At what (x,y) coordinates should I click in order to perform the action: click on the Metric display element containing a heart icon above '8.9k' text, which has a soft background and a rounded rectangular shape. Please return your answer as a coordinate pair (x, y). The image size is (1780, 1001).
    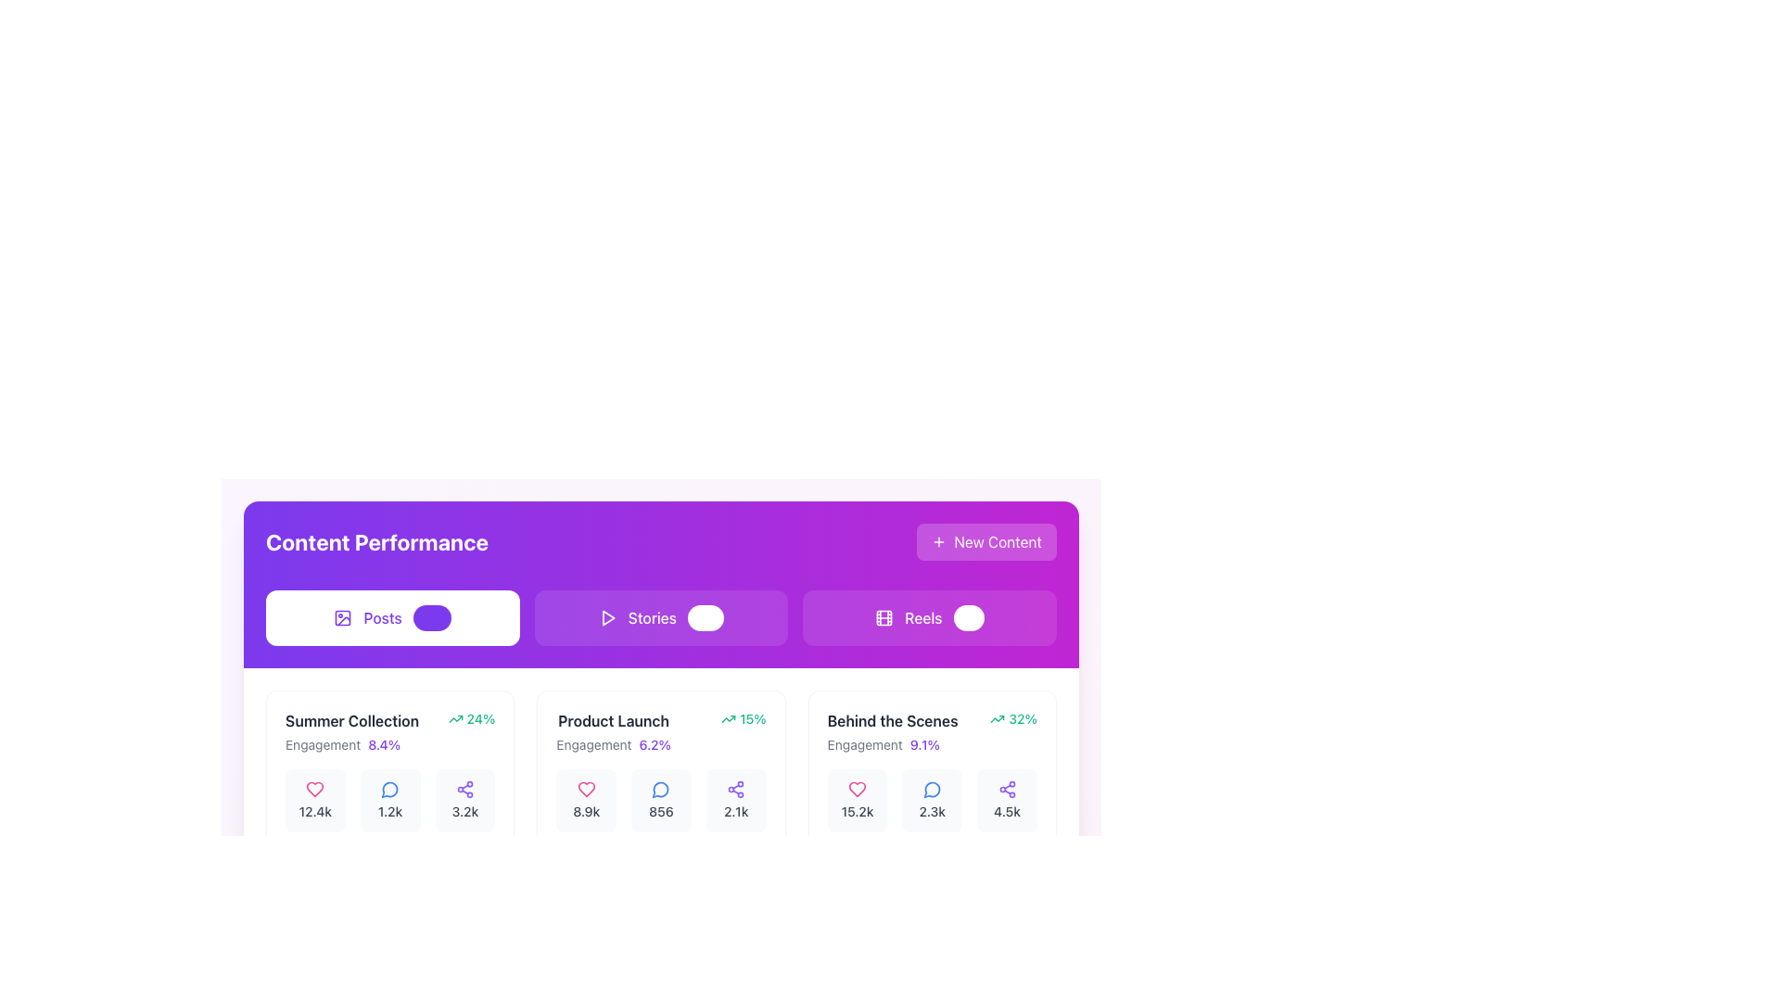
    Looking at the image, I should click on (585, 800).